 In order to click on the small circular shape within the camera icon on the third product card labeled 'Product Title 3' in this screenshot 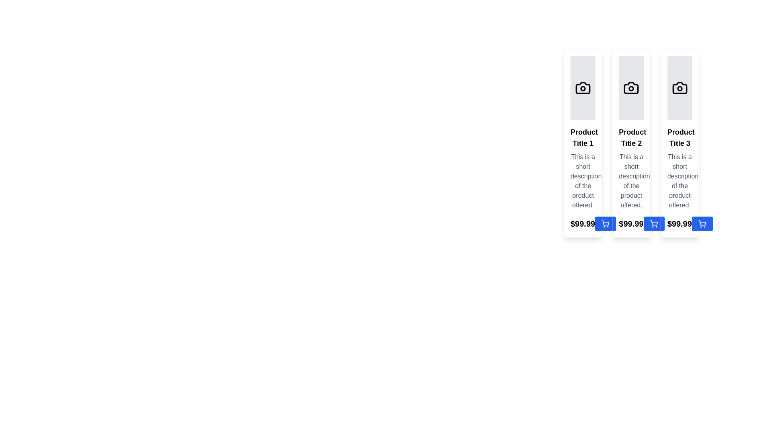, I will do `click(679, 88)`.